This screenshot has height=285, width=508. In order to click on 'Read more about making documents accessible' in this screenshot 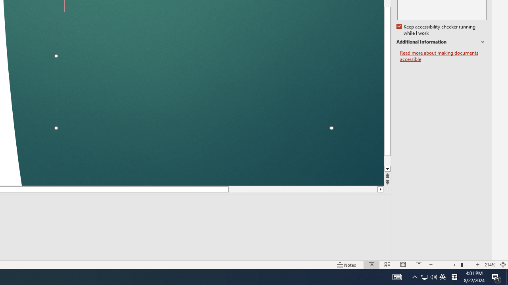, I will do `click(443, 56)`.